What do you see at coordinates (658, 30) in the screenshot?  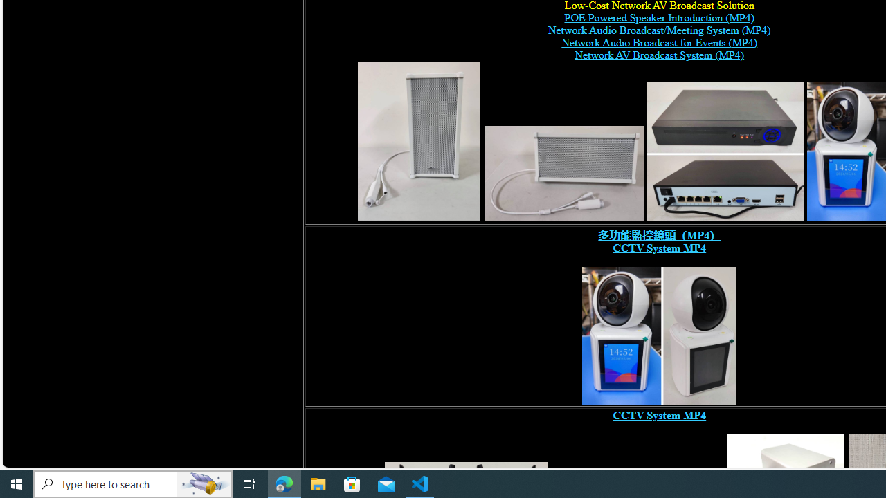 I see `'Network Audio Broadcast/Meeting System (MP4)'` at bounding box center [658, 30].